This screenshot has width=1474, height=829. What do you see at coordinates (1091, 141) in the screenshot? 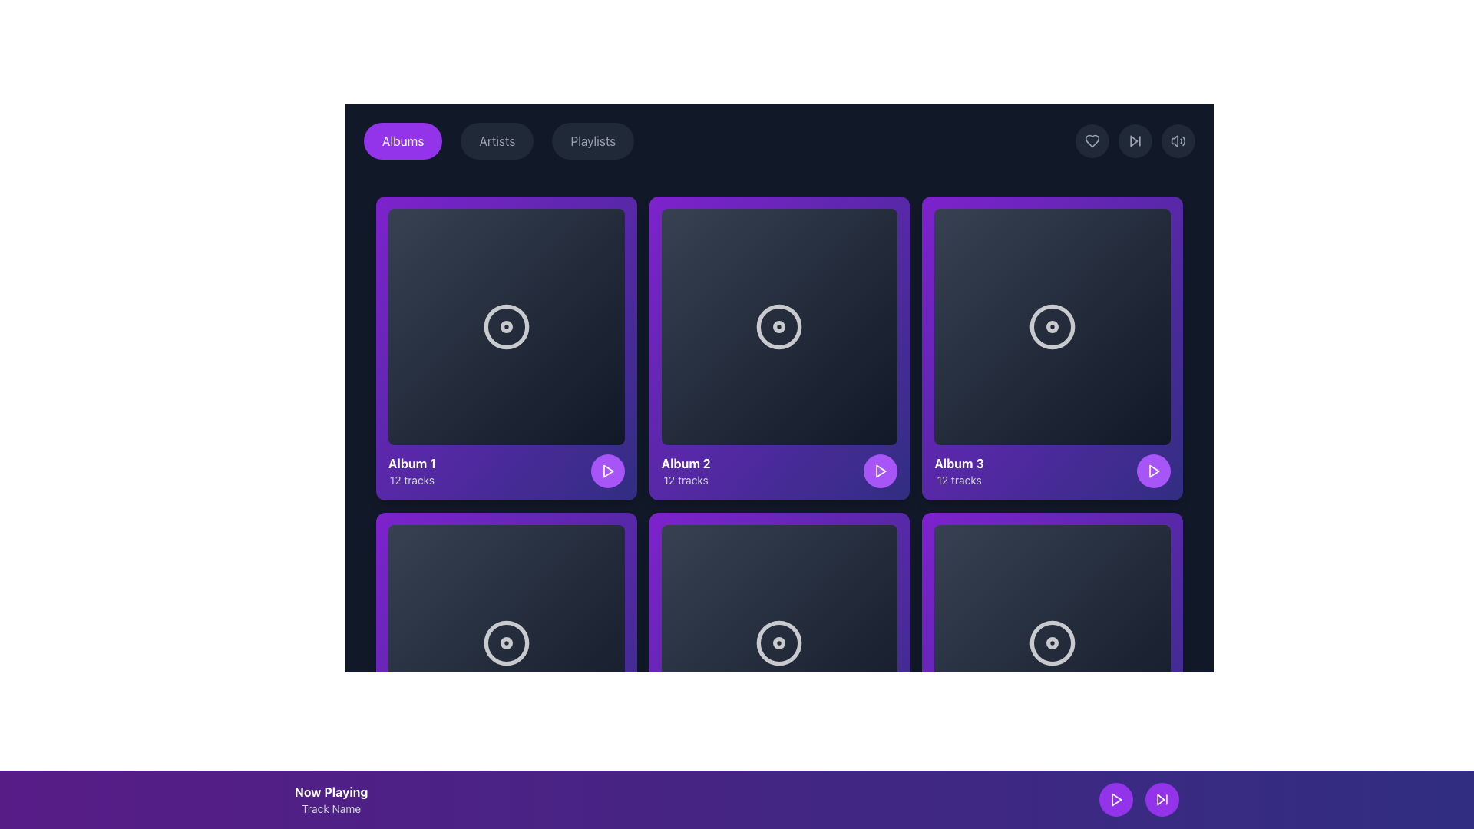
I see `the heart-shaped icon button, which is the first in a group of three circular buttons at the top-right corner of the interface` at bounding box center [1091, 141].